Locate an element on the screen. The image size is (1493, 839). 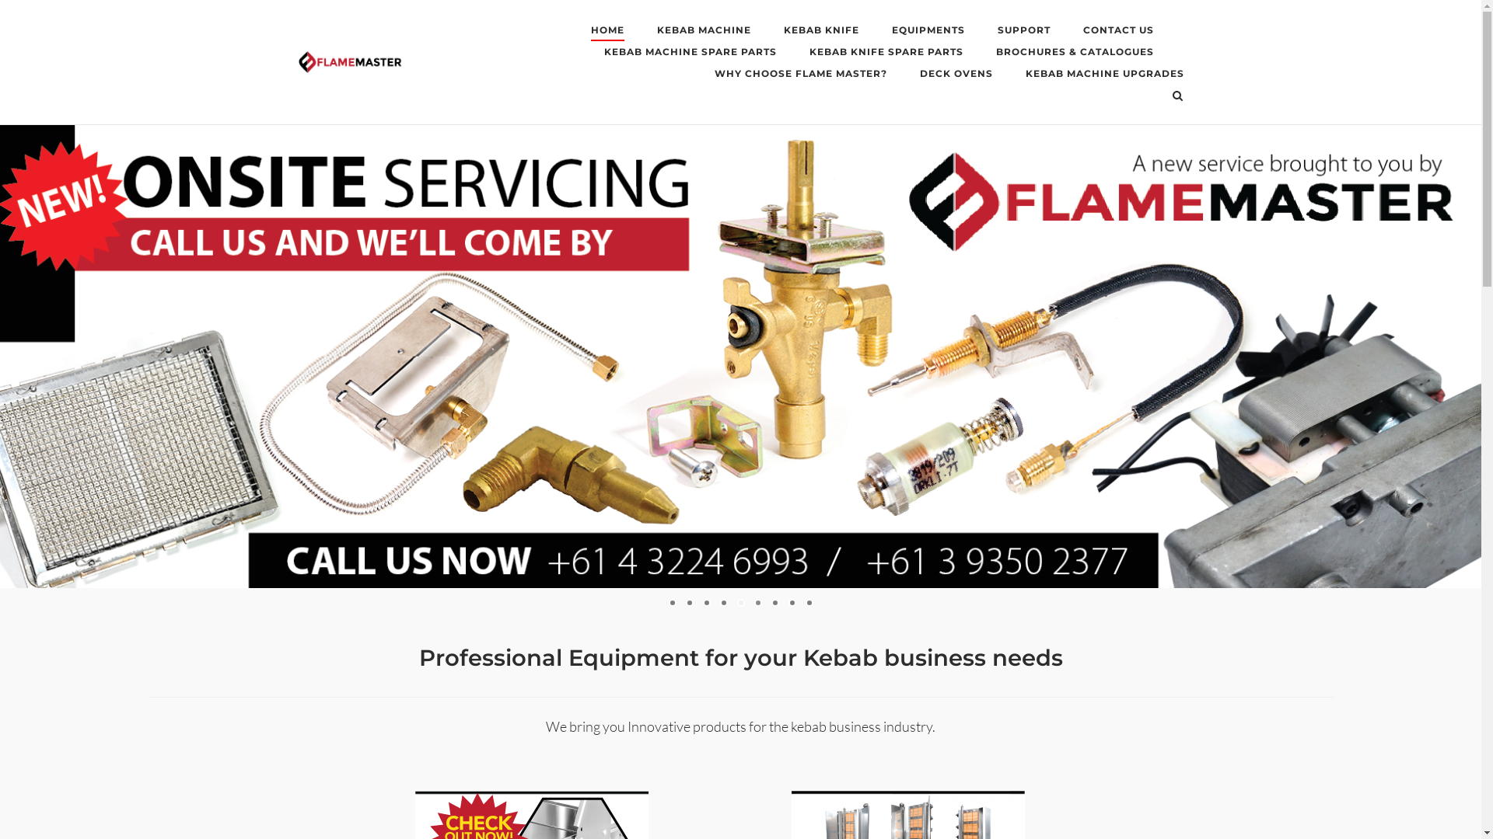
'SUPPORT' is located at coordinates (1023, 33).